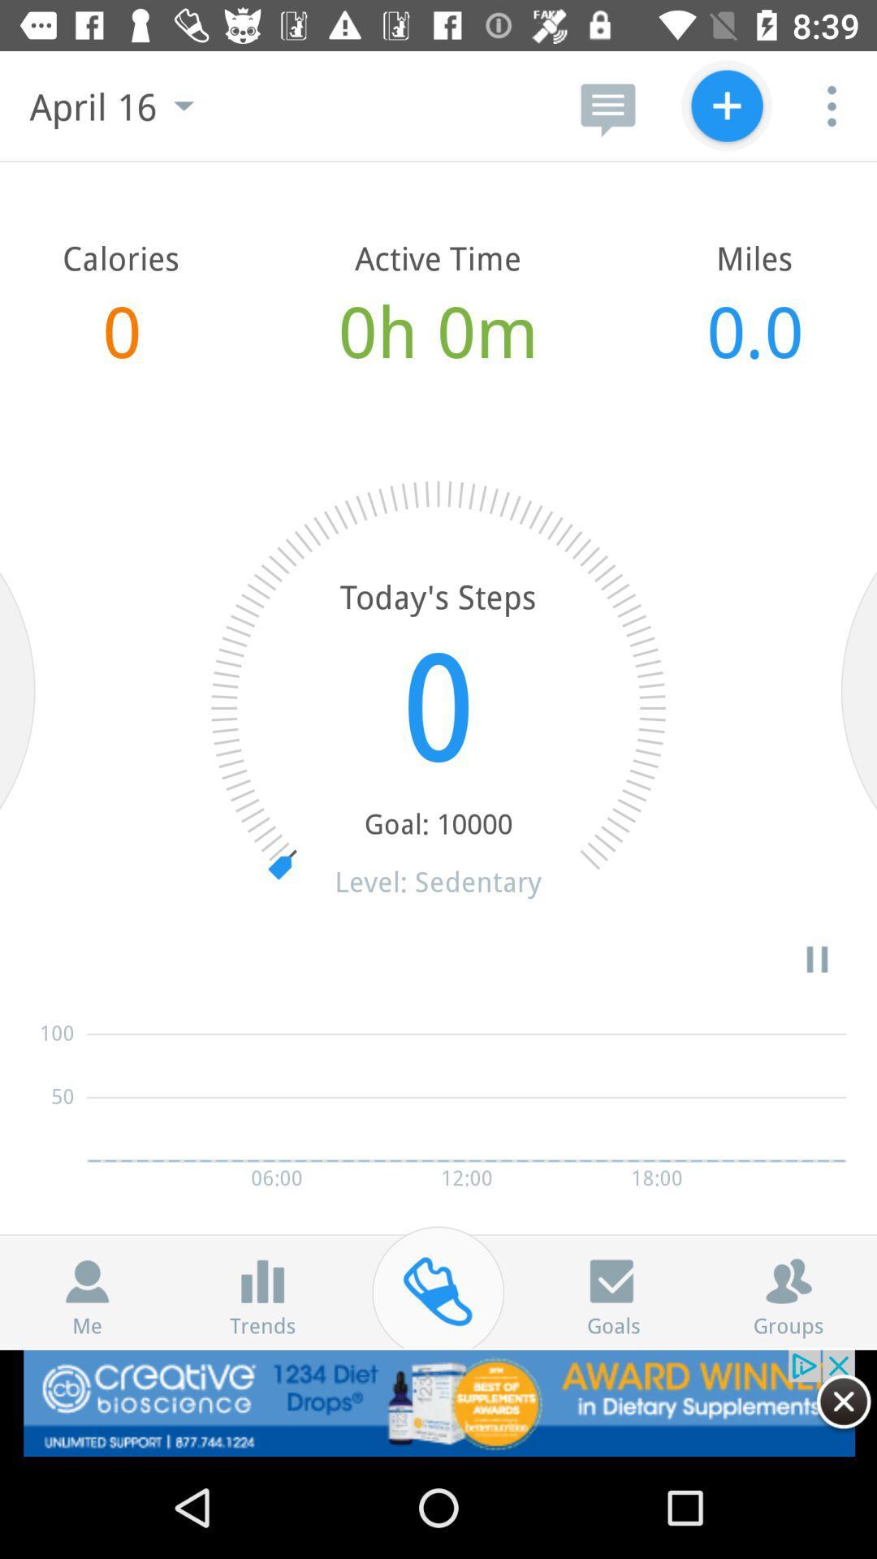 The height and width of the screenshot is (1559, 877). Describe the element at coordinates (726, 105) in the screenshot. I see `the add icon` at that location.